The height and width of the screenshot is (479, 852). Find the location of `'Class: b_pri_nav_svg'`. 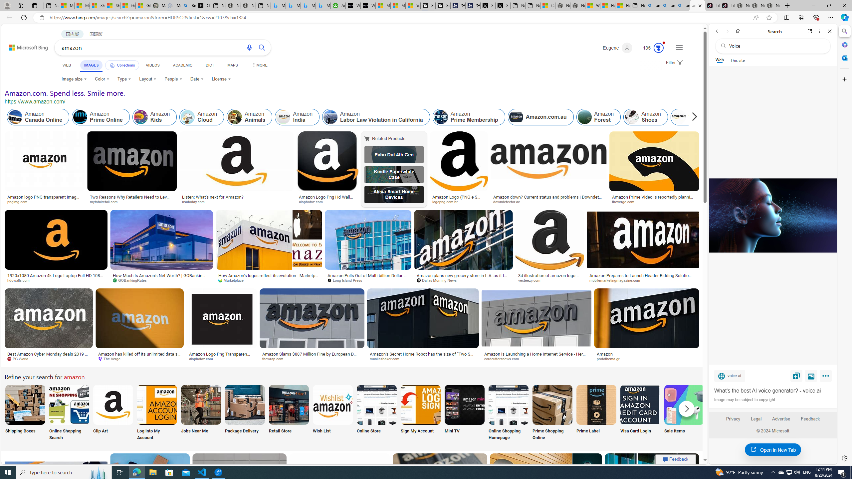

'Class: b_pri_nav_svg' is located at coordinates (112, 65).